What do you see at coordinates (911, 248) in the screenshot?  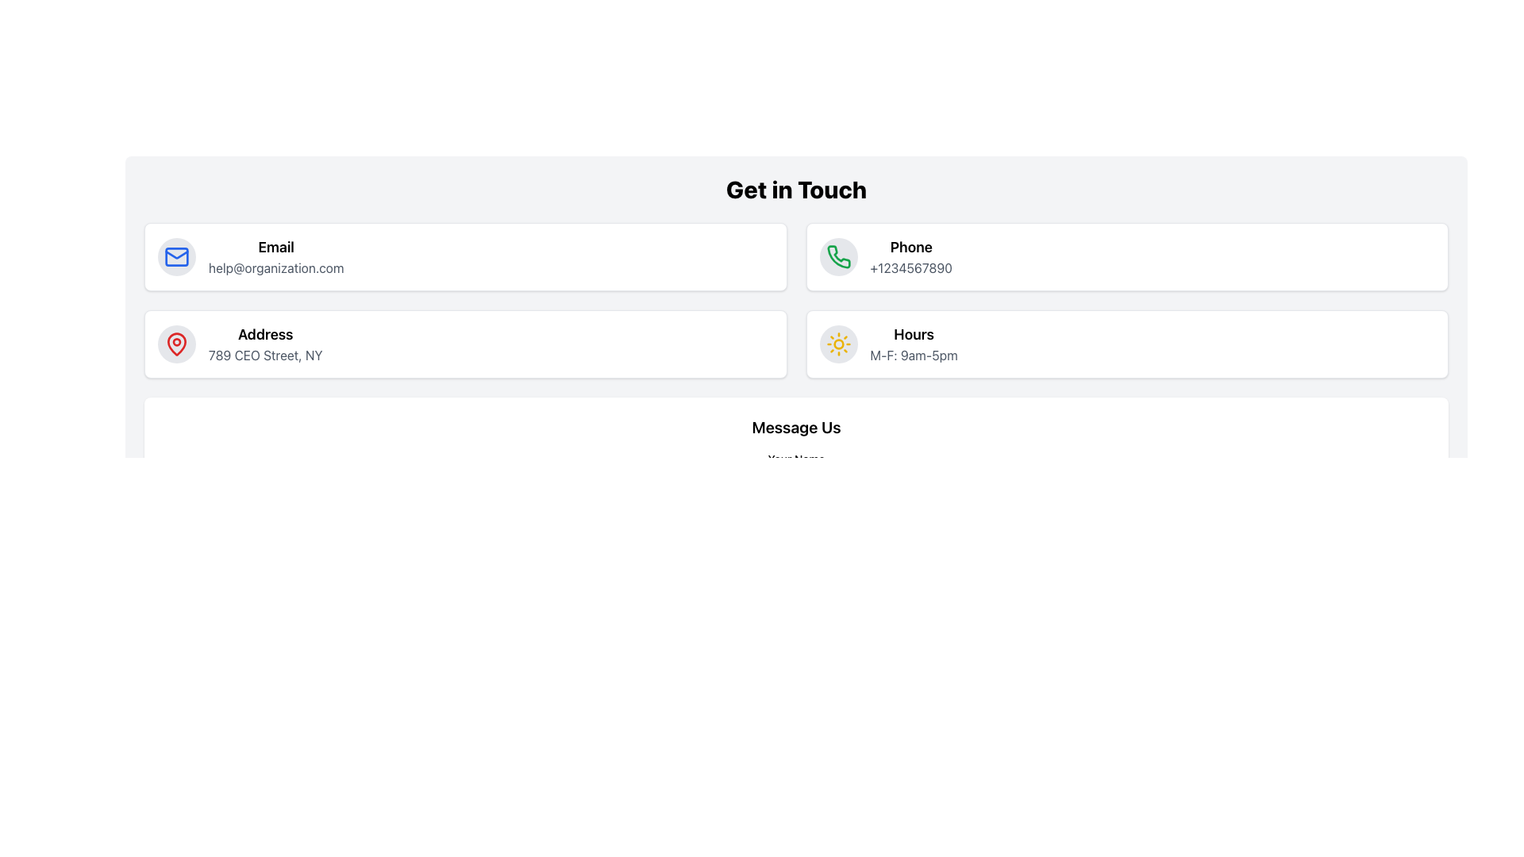 I see `the static text label indicating the contact phone line, located in the upper-right section of the 'Get in Touch' panel, adjacent to the phone icon and above the number '+1234567890'` at bounding box center [911, 248].